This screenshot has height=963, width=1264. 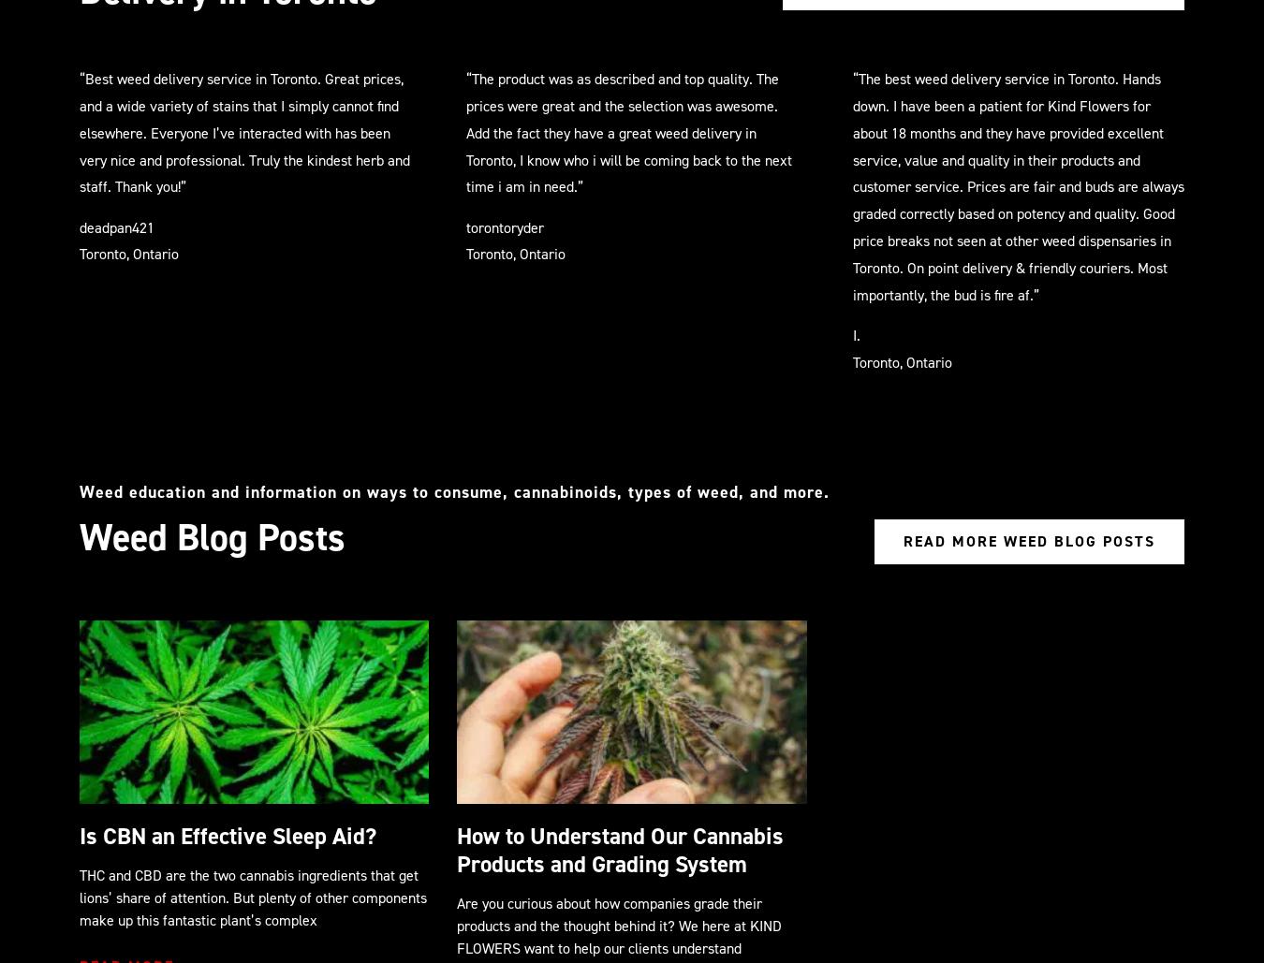 I want to click on 'Weed education and information on ways to consume, cannabinoids, types of weed, and more.', so click(x=453, y=489).